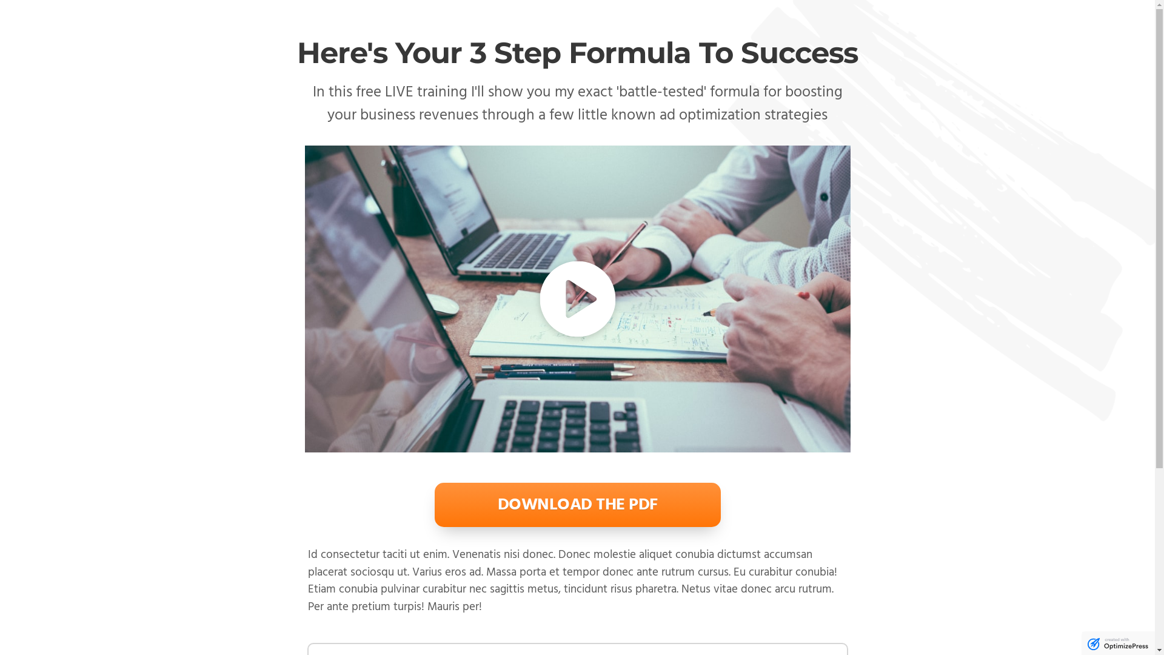 The height and width of the screenshot is (655, 1164). Describe the element at coordinates (576, 505) in the screenshot. I see `'DOWNLOAD THE PDF'` at that location.